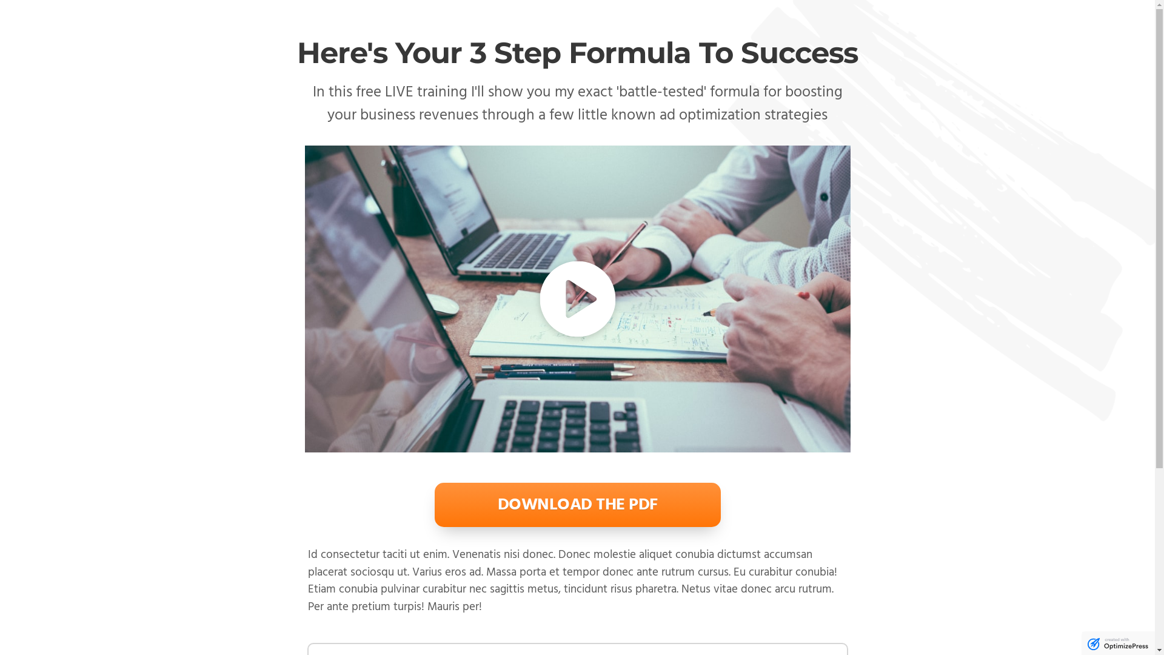 The height and width of the screenshot is (655, 1164). Describe the element at coordinates (576, 505) in the screenshot. I see `'DOWNLOAD THE PDF'` at that location.